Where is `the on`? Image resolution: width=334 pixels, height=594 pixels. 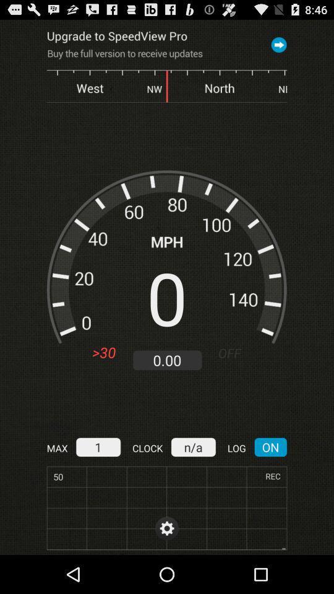
the on is located at coordinates (270, 446).